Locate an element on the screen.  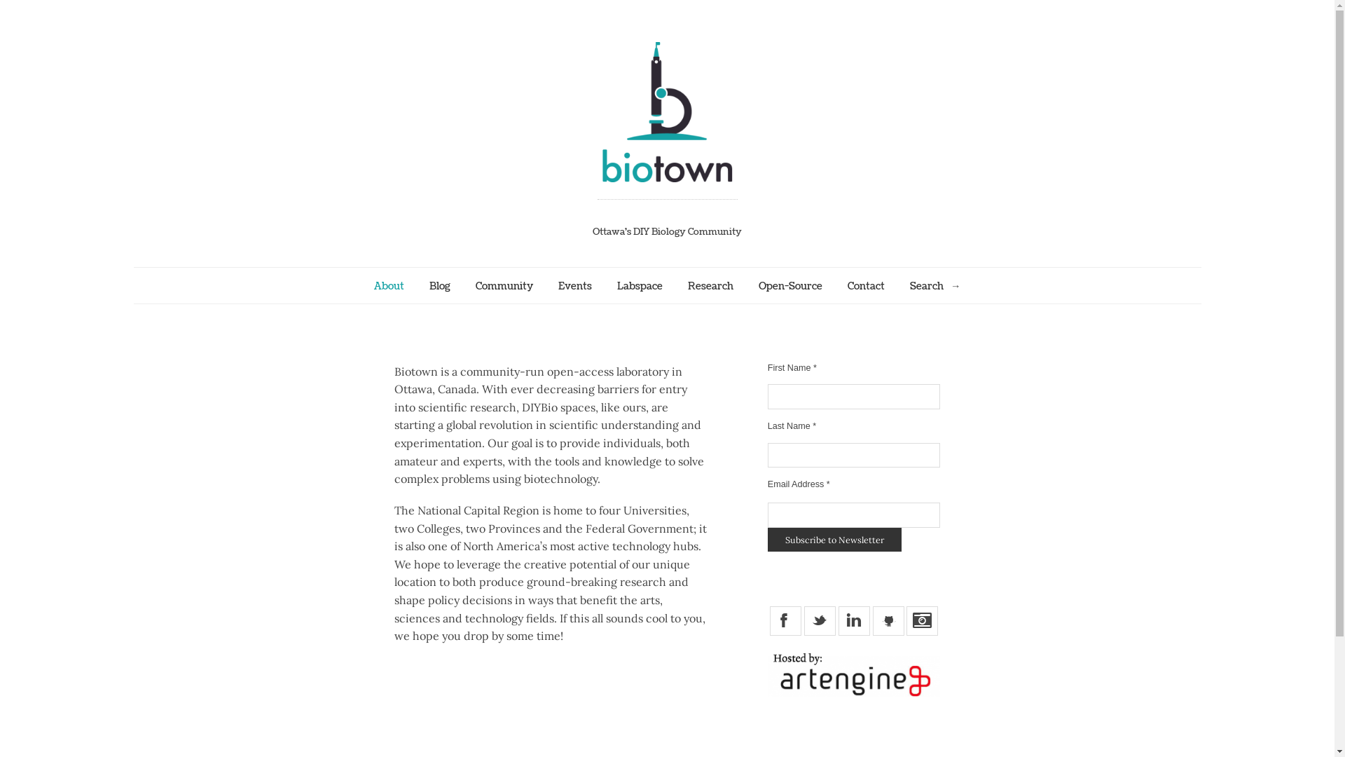
'Community' is located at coordinates (504, 285).